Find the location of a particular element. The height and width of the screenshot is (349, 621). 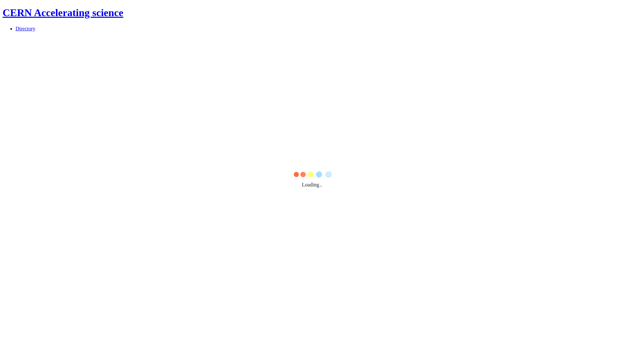

'Directory' is located at coordinates (25, 28).